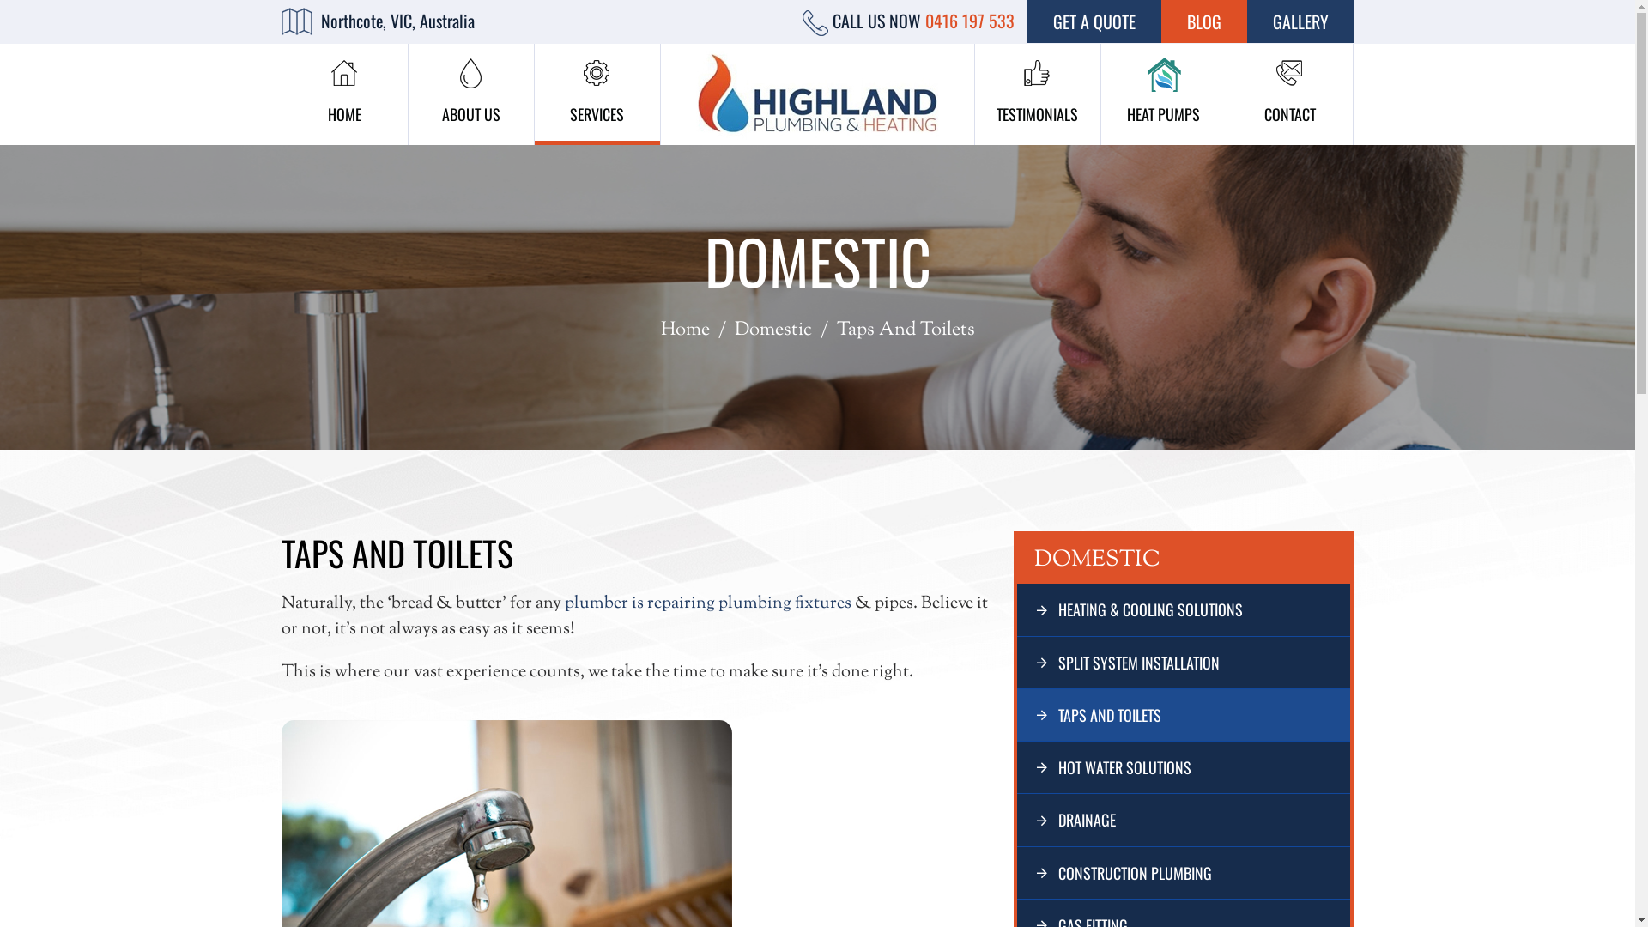 Image resolution: width=1648 pixels, height=927 pixels. What do you see at coordinates (708, 603) in the screenshot?
I see `'plumber is repairing plumbing fixtures'` at bounding box center [708, 603].